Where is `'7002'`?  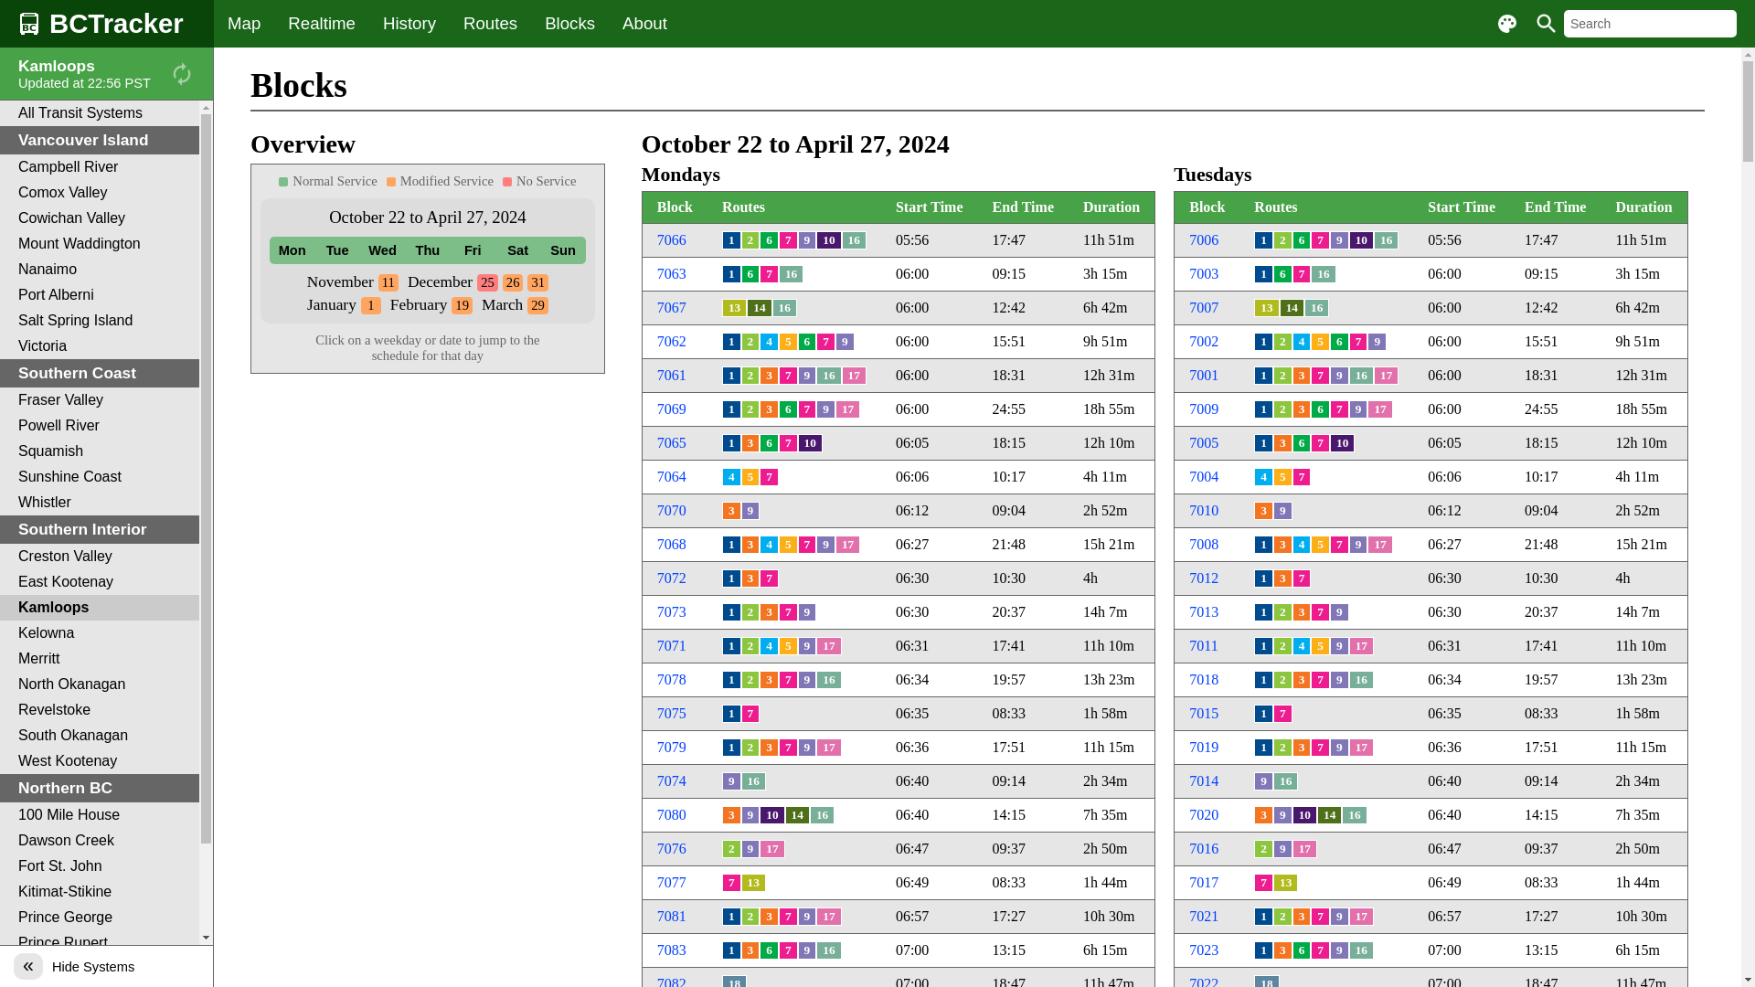 '7002' is located at coordinates (1203, 341).